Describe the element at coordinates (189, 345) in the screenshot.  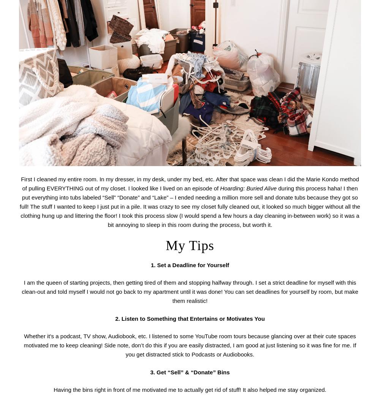
I see `'Whether it’s a podcast, TV show, Audiobook, etc. I listened to some YouTube room tours because glancing over at their cute spaces motivated me to keep cleaning! Side note, don’t do this if you are easily distracted, I am good at just listening so it was fine for me. If you get distracted stick to Podcasts or Audiobooks.'` at that location.